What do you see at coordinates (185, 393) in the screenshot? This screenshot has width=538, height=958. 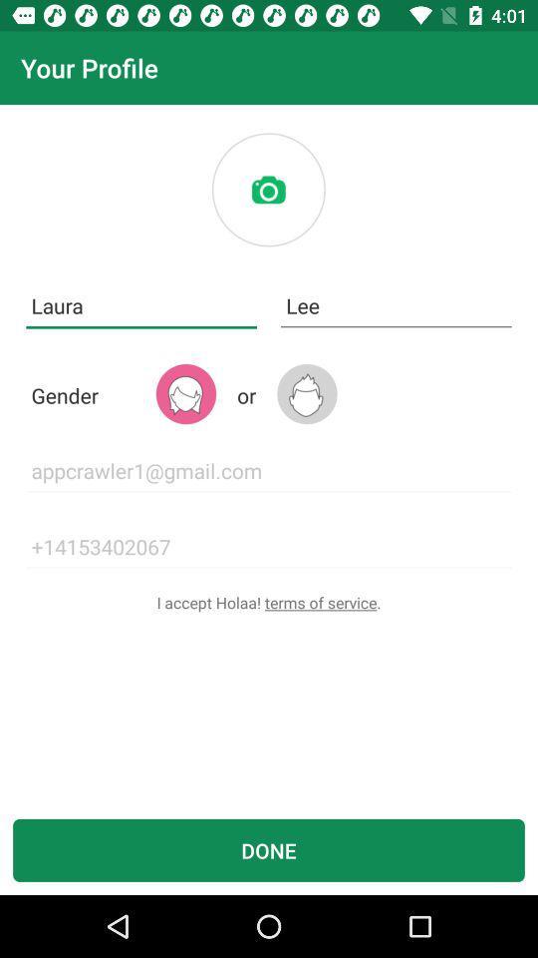 I see `female` at bounding box center [185, 393].